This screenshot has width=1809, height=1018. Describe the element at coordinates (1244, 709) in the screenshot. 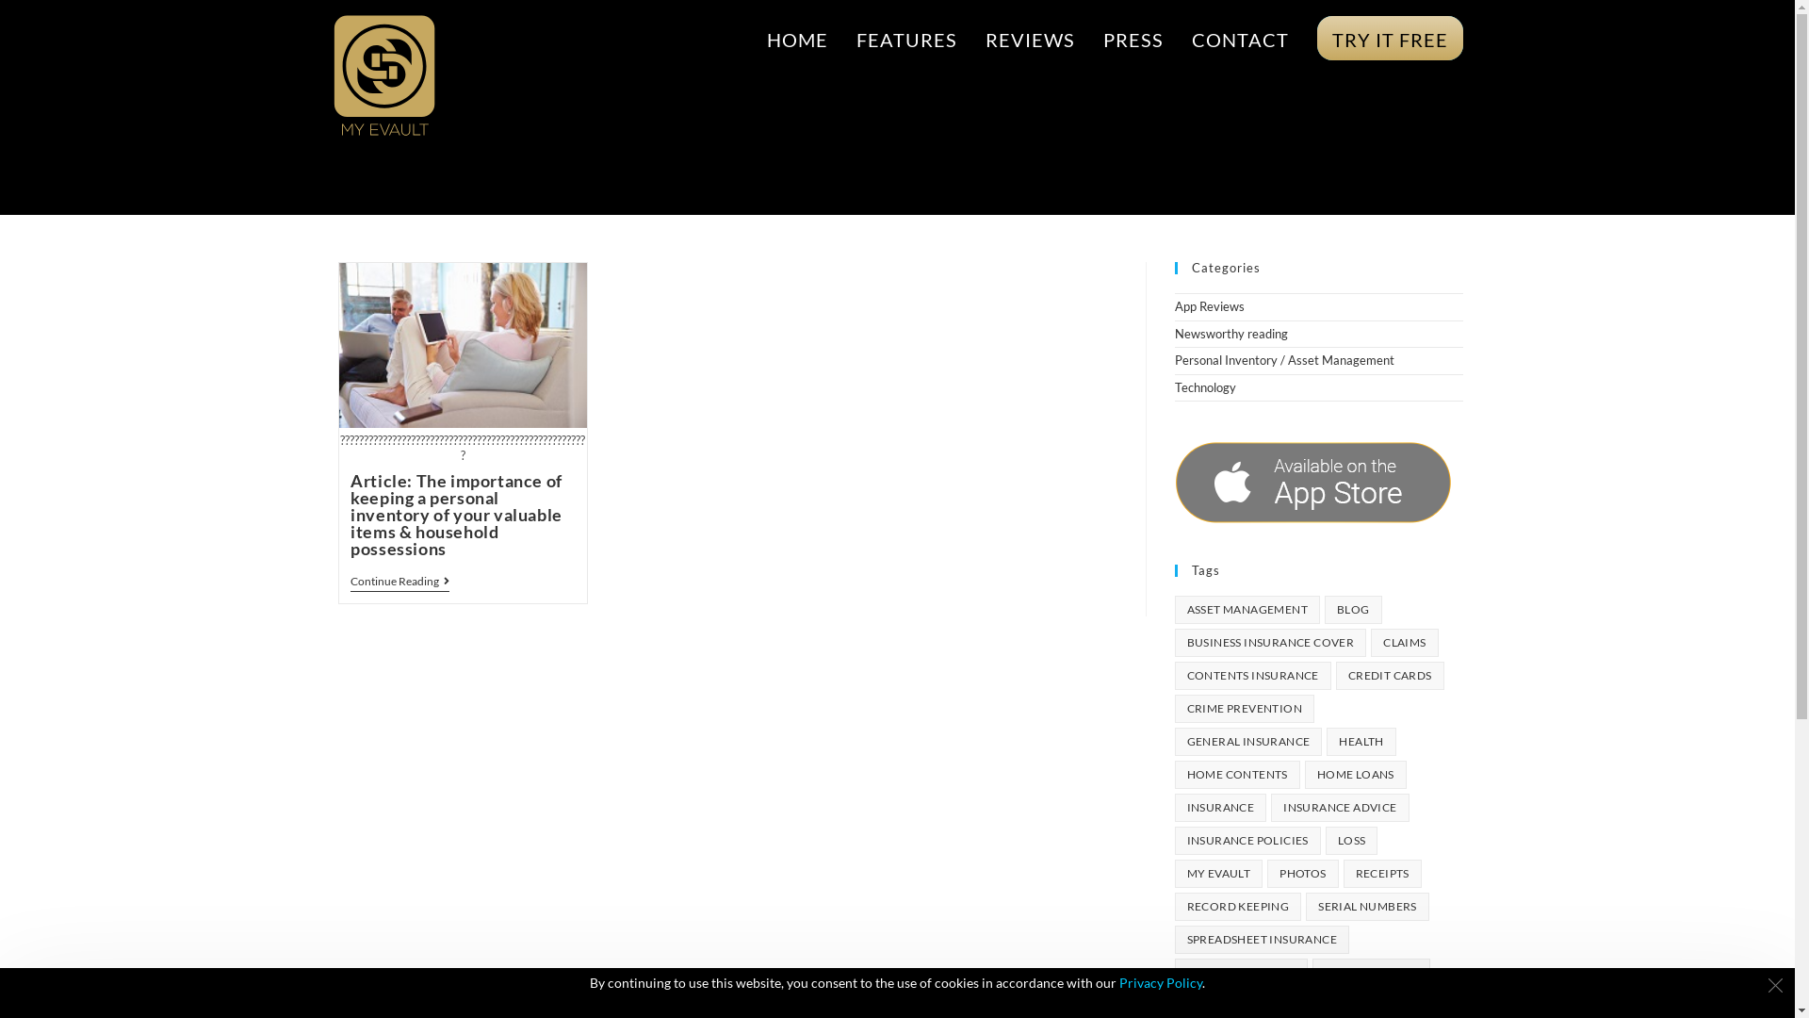

I see `'CRIME PREVENTION'` at that location.